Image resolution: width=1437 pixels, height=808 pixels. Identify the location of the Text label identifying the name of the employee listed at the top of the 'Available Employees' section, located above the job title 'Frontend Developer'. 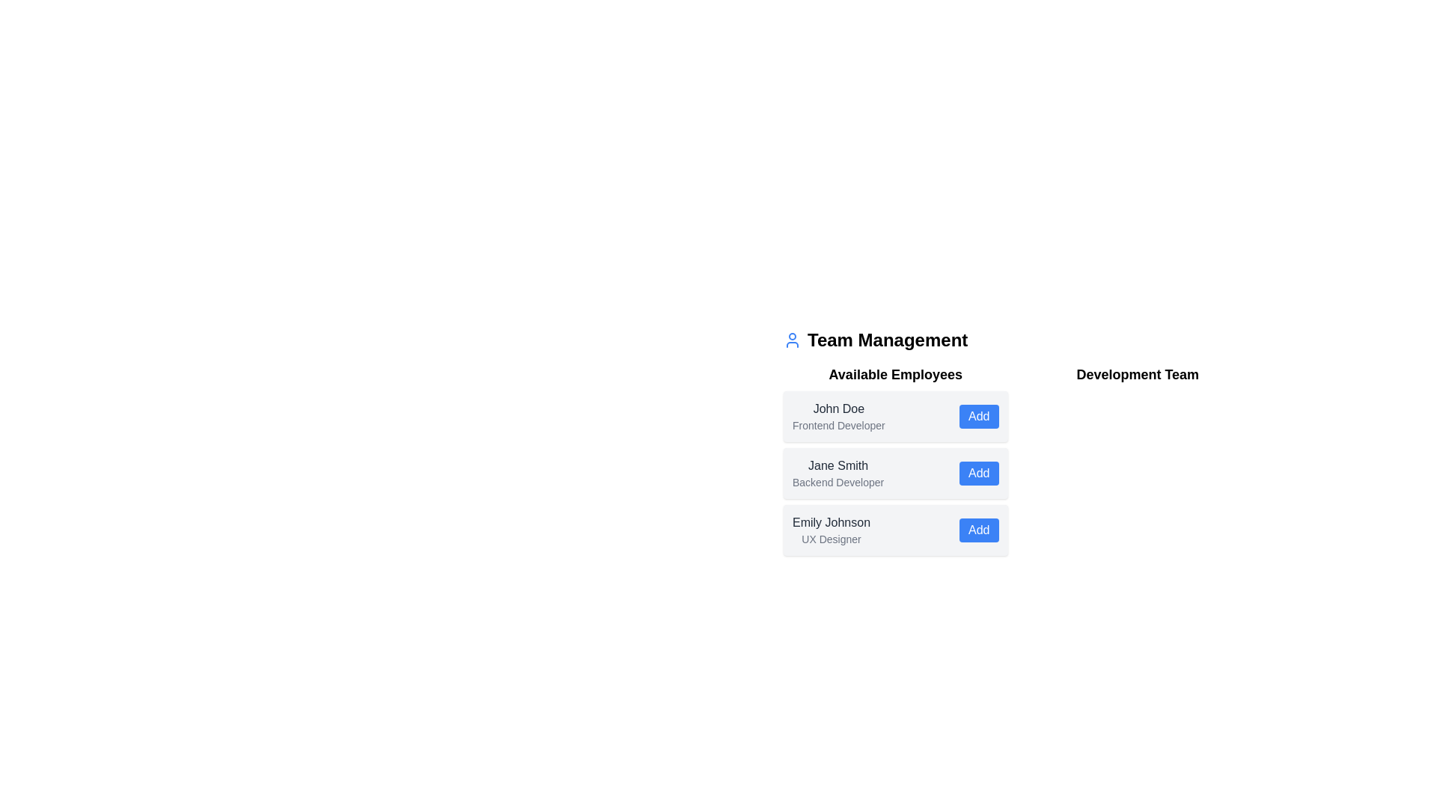
(838, 409).